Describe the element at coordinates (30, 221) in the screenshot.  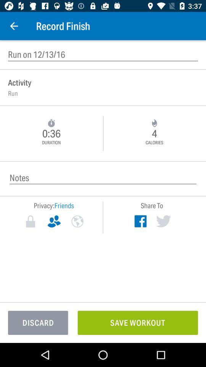
I see `icon below the privacy: icon` at that location.